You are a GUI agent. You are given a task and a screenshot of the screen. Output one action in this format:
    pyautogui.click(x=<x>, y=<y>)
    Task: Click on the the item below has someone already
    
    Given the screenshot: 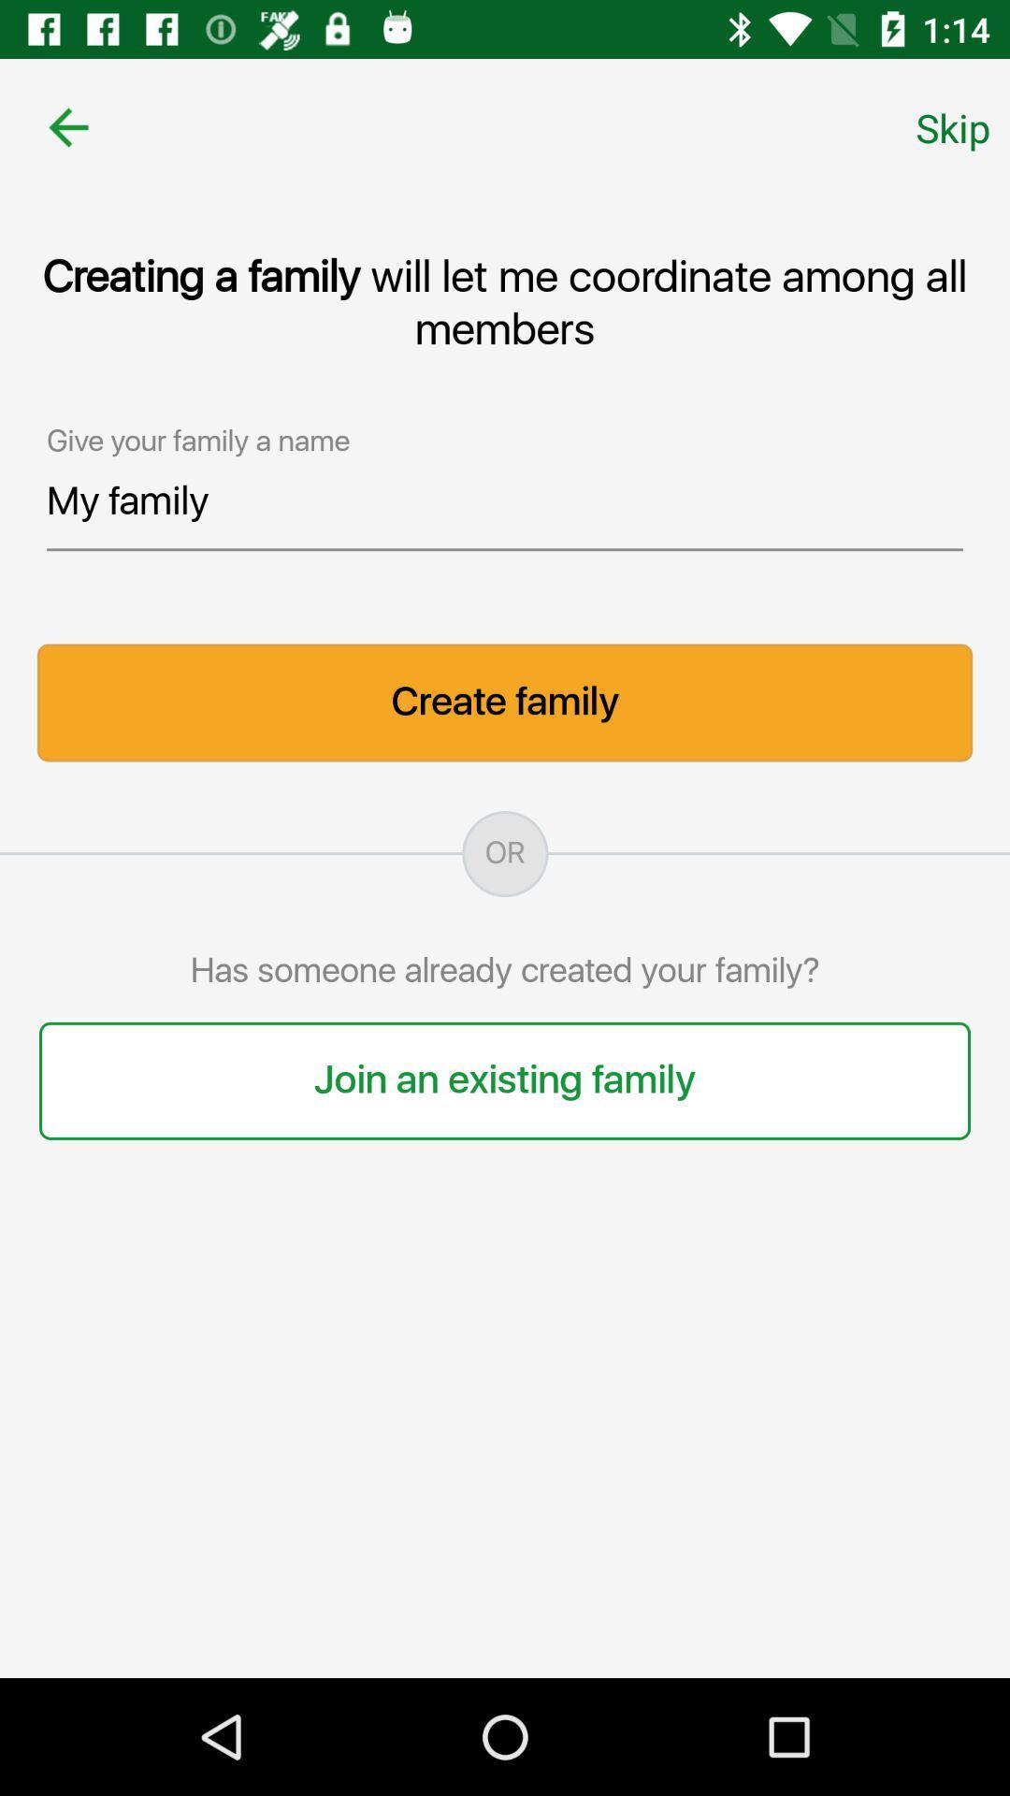 What is the action you would take?
    pyautogui.click(x=505, y=1080)
    